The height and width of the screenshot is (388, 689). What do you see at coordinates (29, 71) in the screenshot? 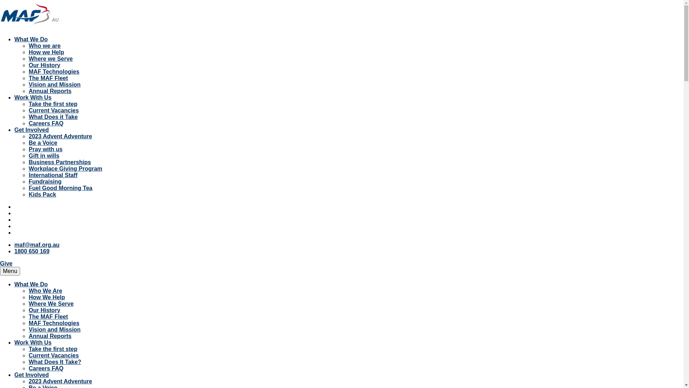
I see `'MAF Technologies'` at bounding box center [29, 71].